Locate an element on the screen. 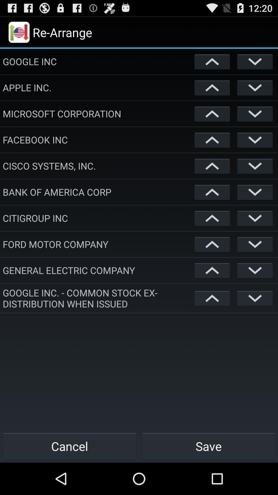  expand facebook inc is located at coordinates (255, 140).